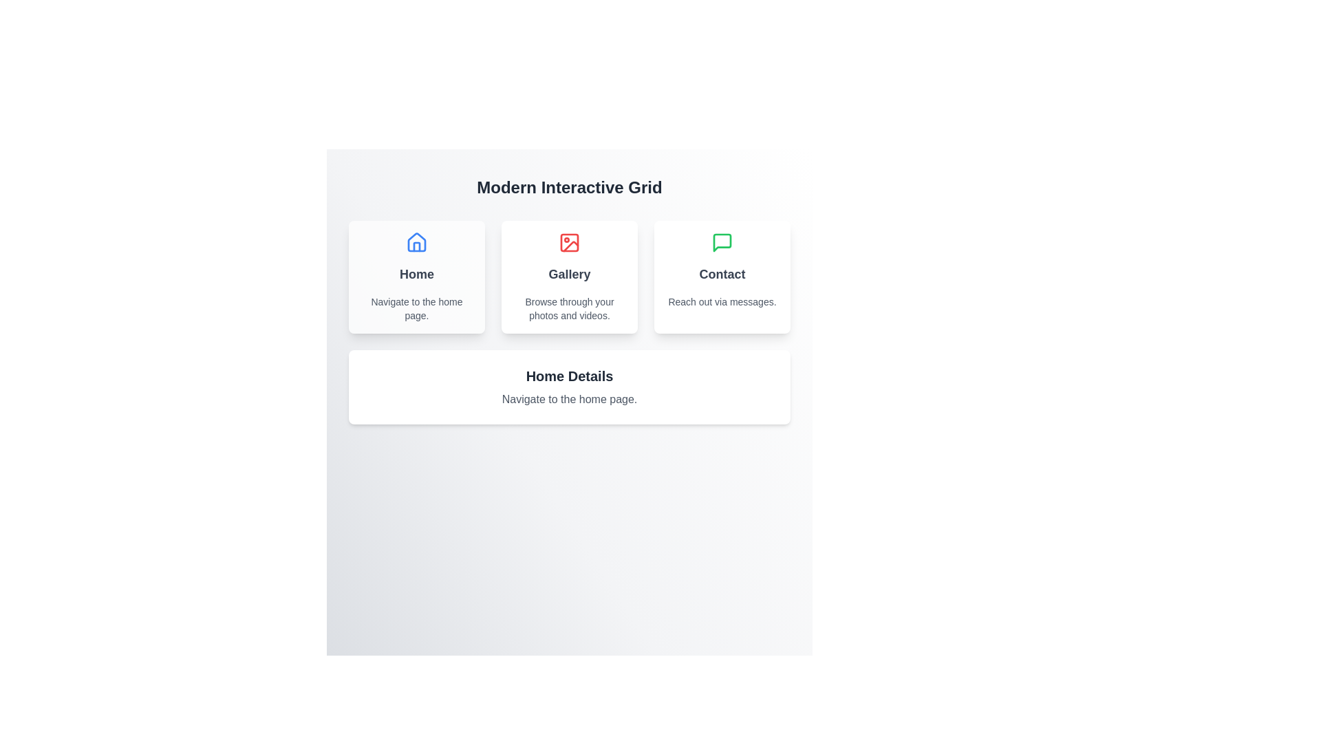  What do you see at coordinates (722, 301) in the screenshot?
I see `the descriptive text label at the bottom of the 'Contact' card, which provides additional information about its purpose` at bounding box center [722, 301].